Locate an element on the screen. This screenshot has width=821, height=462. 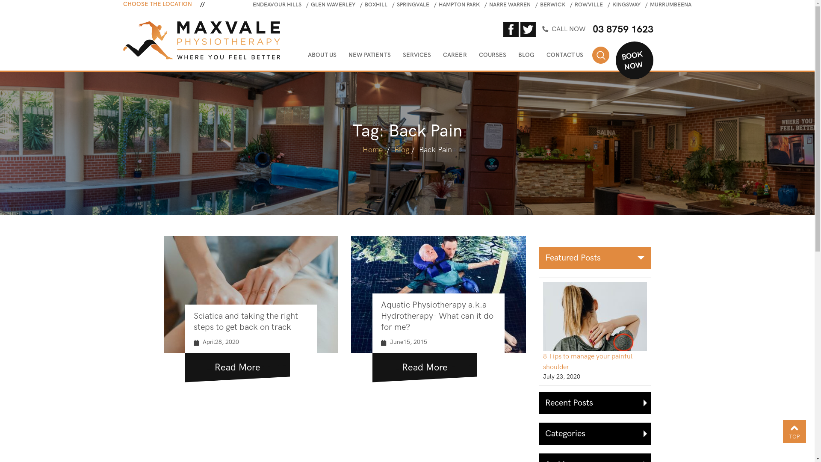
'SPRINGVALE' is located at coordinates (396, 5).